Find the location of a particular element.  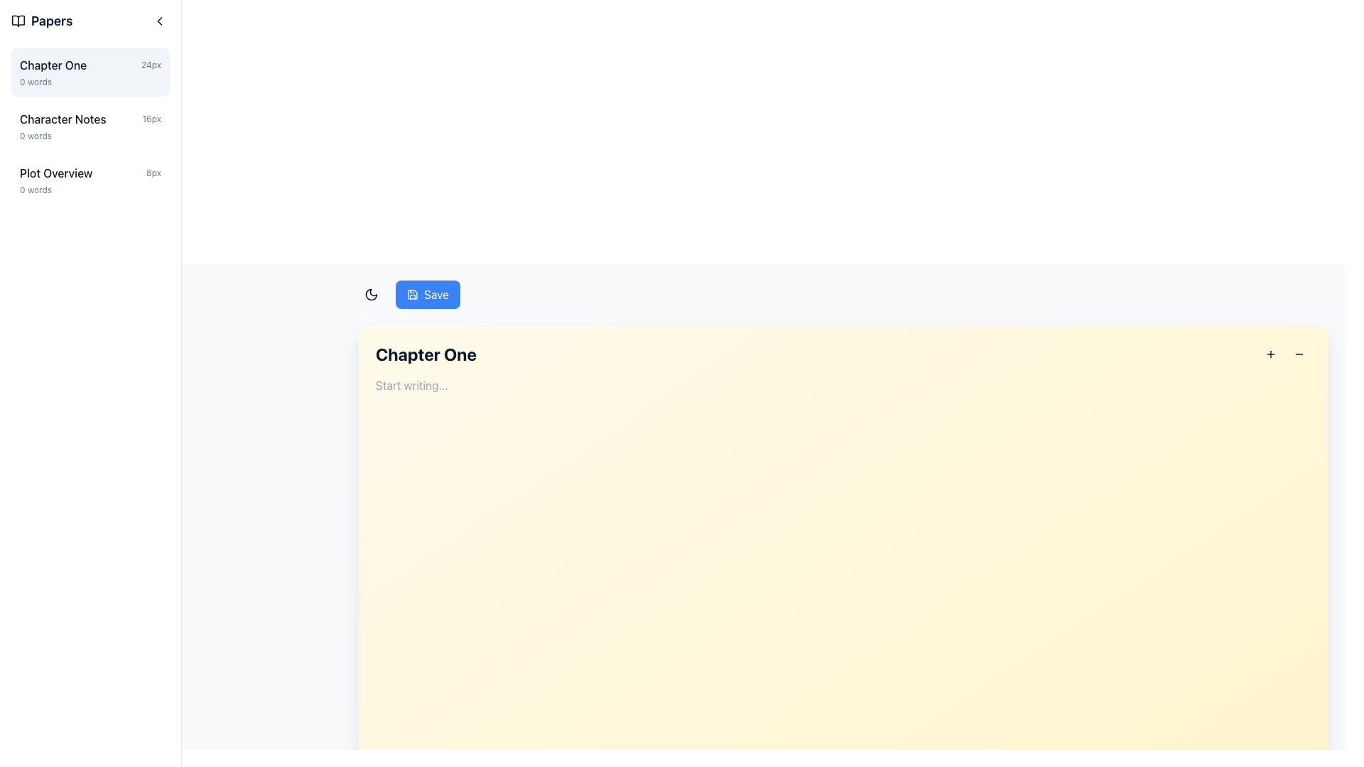

save icon element, which is part of a blue button labeled 'Save' located at the top center of the document-writing interface is located at coordinates (411, 294).